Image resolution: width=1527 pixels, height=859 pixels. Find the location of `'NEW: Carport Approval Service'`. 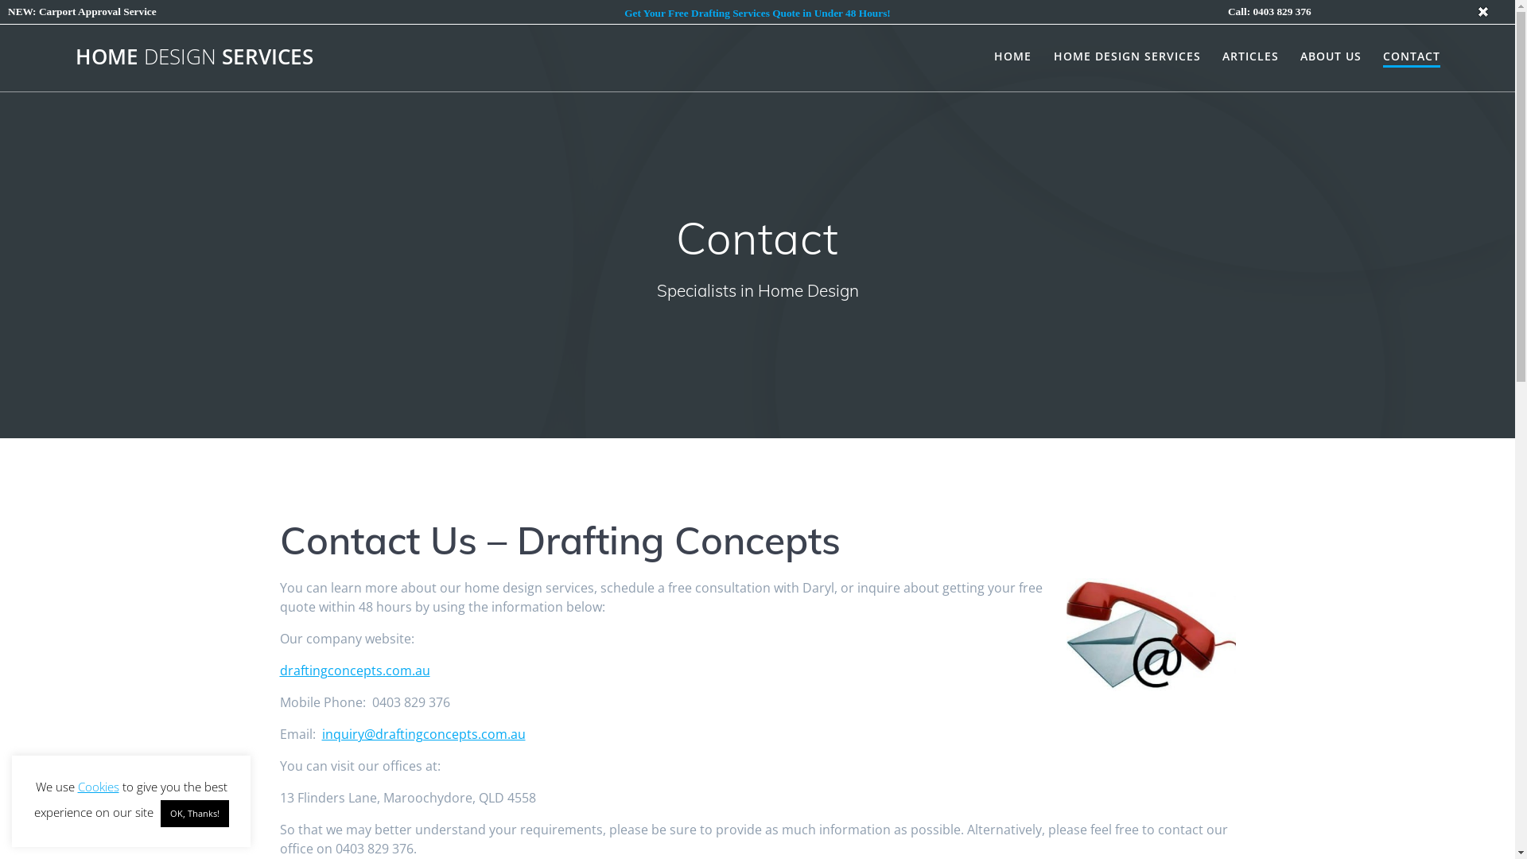

'NEW: Carport Approval Service' is located at coordinates (81, 11).